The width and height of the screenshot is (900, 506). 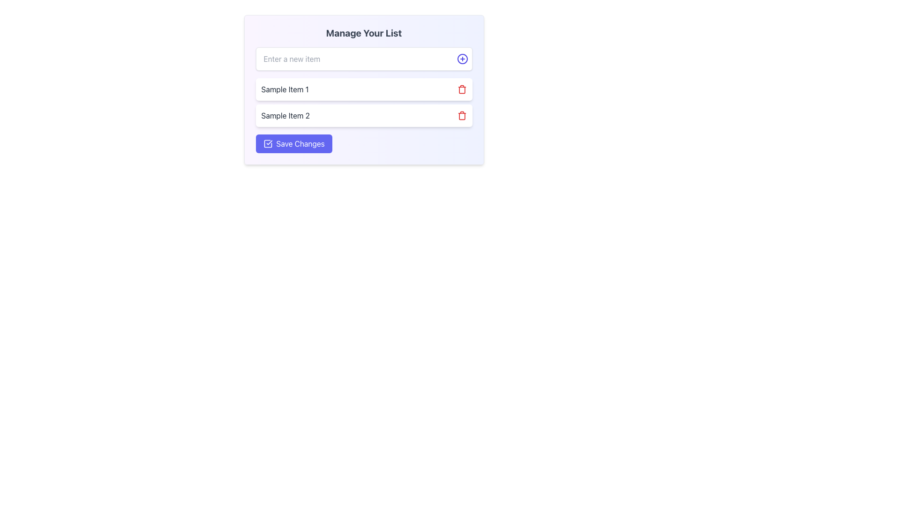 What do you see at coordinates (285, 89) in the screenshot?
I see `the Label displaying 'Sample Item 1' in dark gray color, which is located within a white rectangular background with rounded corners, positioned to the left of a red trash can icon` at bounding box center [285, 89].